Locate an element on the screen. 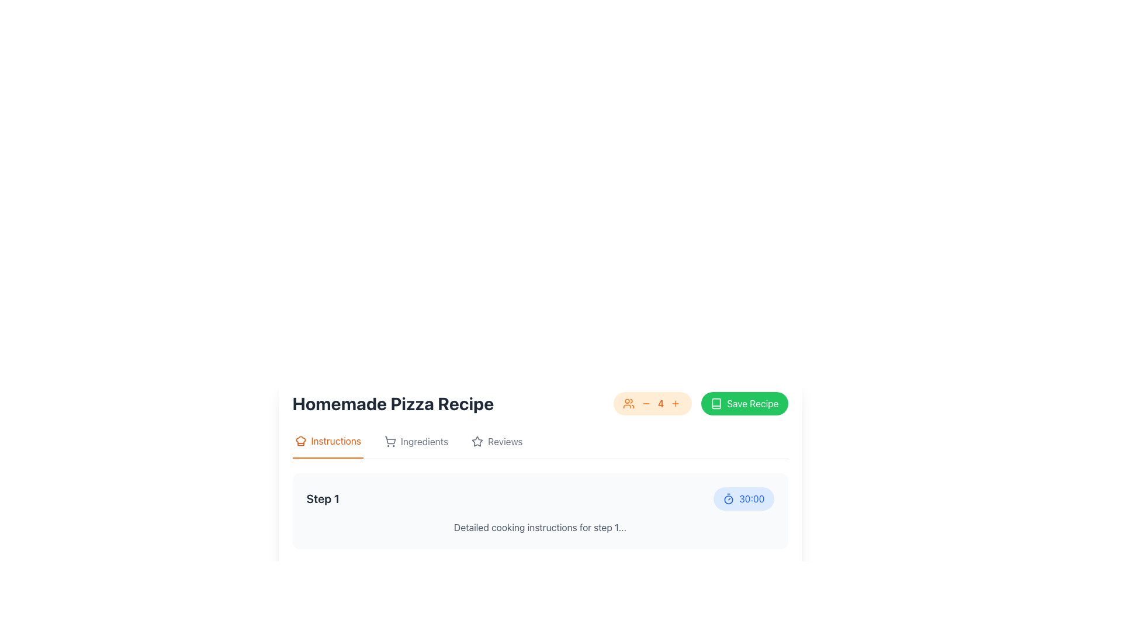  the orange chef's hat icon located to the left of the 'Instructions' text in the tab section above the recipe details is located at coordinates (300, 441).